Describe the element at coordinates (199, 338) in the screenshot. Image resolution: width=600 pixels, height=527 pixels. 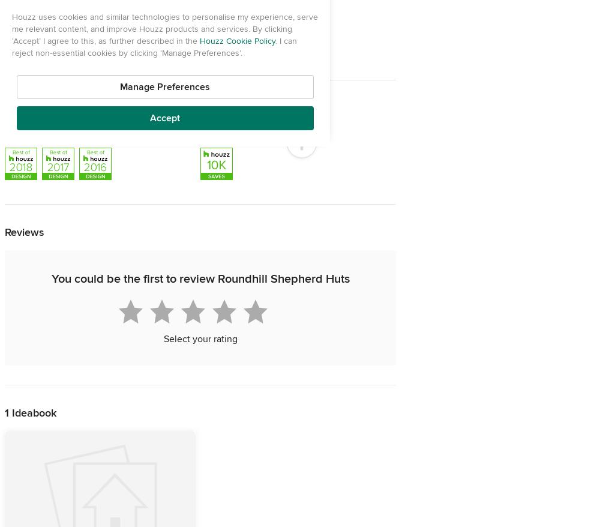
I see `'Select your rating'` at that location.